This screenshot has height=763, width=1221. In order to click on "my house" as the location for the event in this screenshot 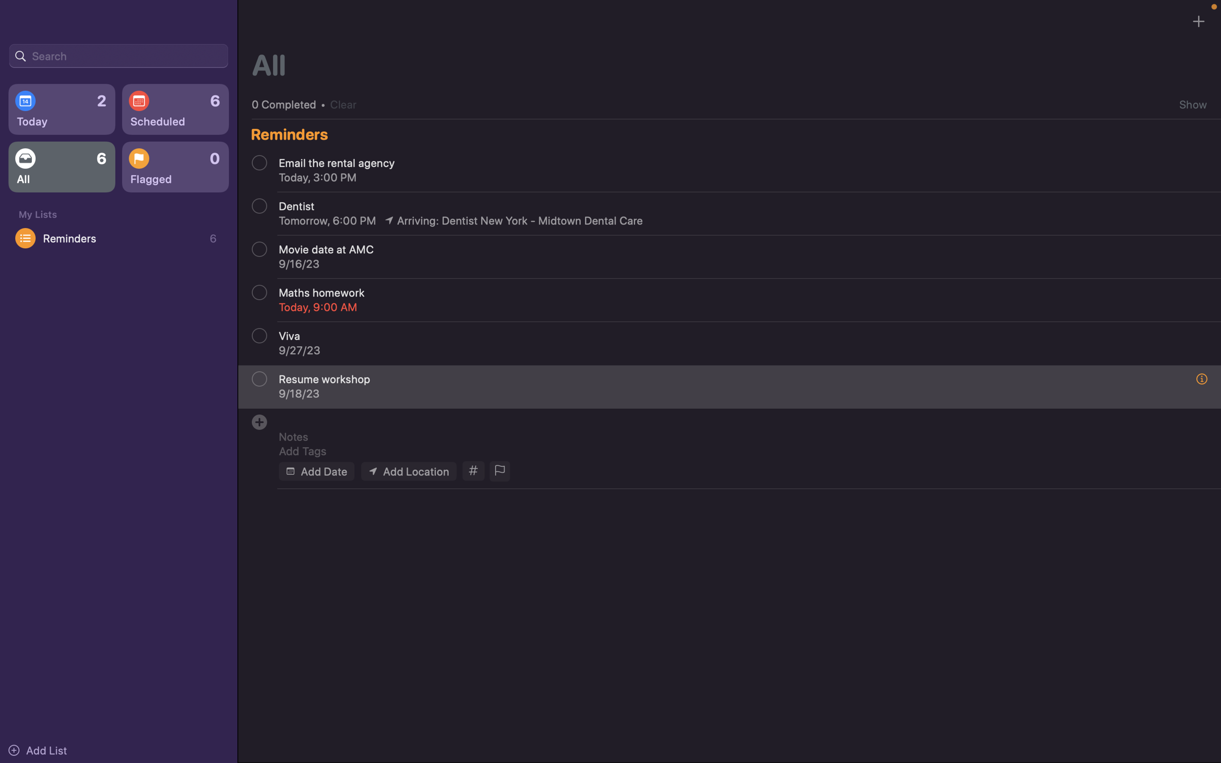, I will do `click(408, 470)`.